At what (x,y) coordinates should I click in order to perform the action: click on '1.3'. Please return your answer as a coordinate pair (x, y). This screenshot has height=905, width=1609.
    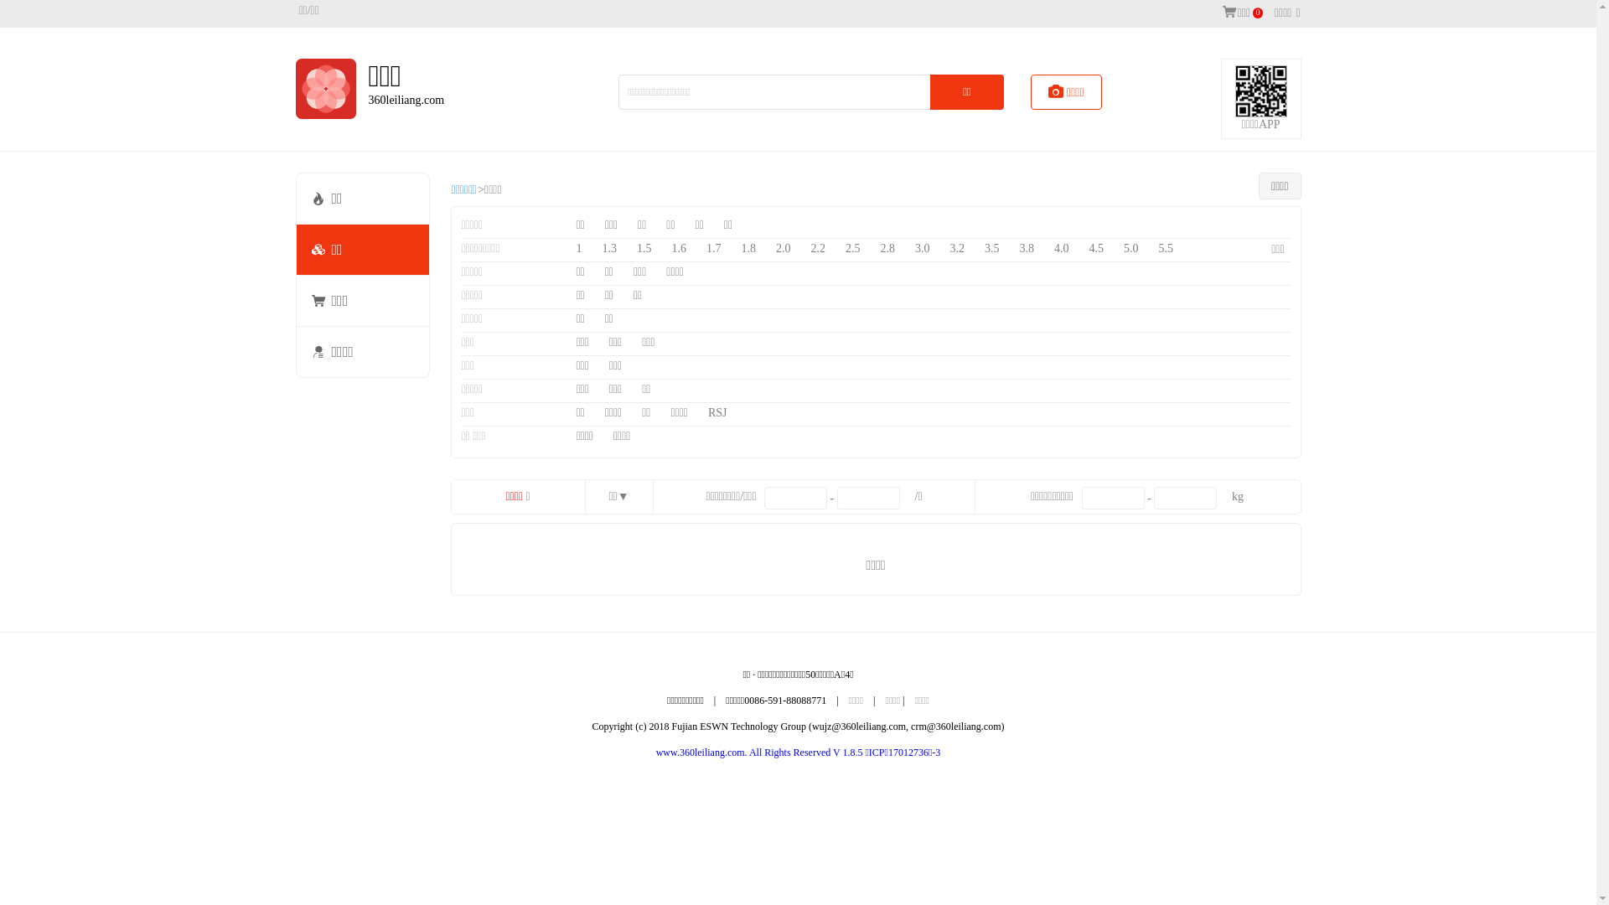
    Looking at the image, I should click on (609, 249).